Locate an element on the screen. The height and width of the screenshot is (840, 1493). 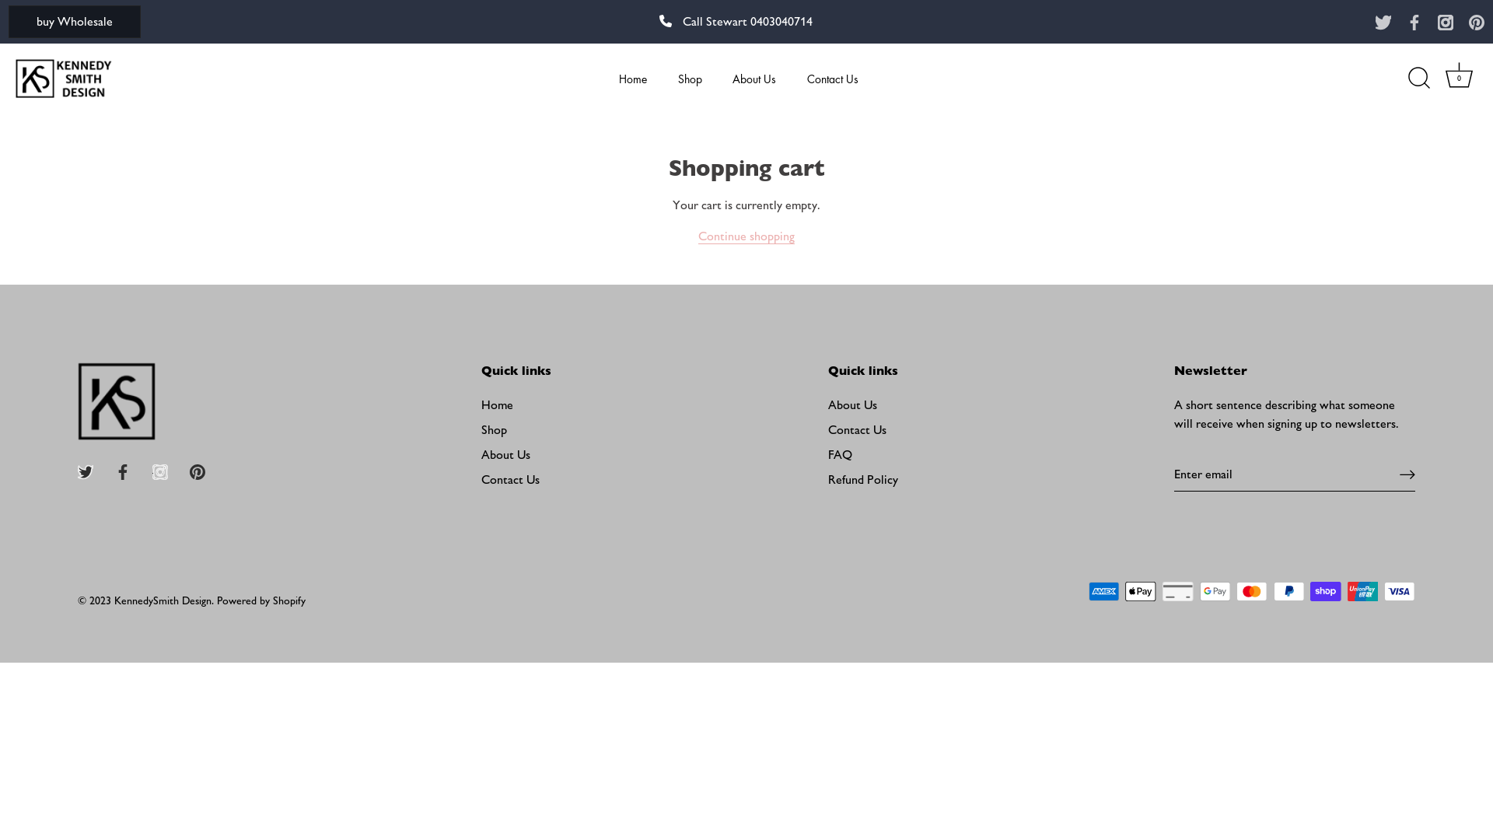
'About Us' is located at coordinates (851, 404).